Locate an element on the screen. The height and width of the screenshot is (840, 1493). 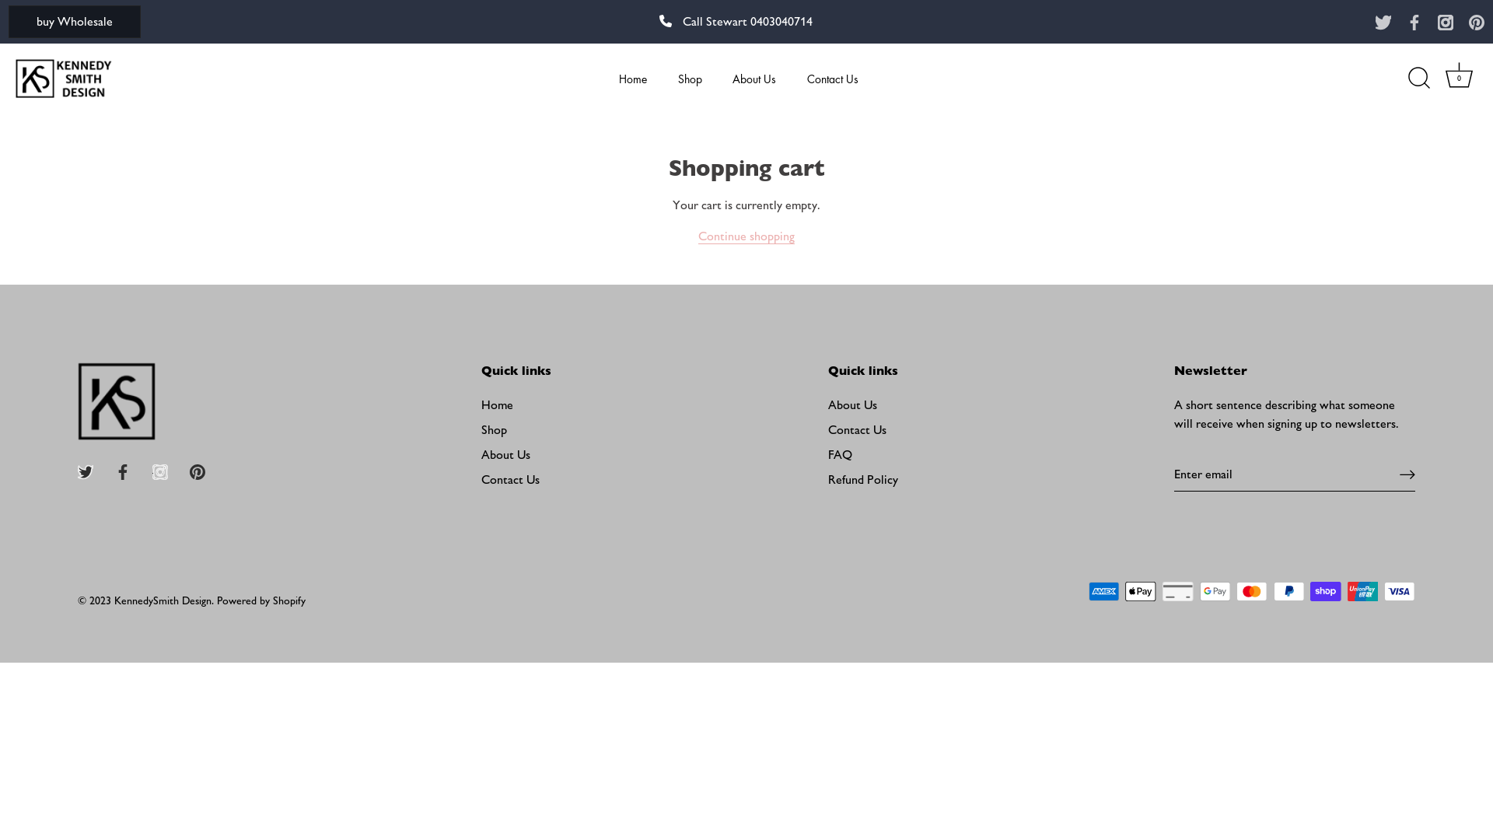
'About Us' is located at coordinates (851, 404).